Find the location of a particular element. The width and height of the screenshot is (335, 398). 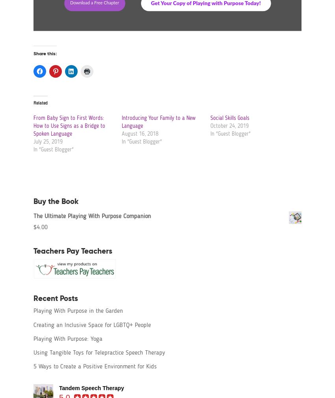

'Get Your Copy of Playing with Purpose Today!' is located at coordinates (205, 2).